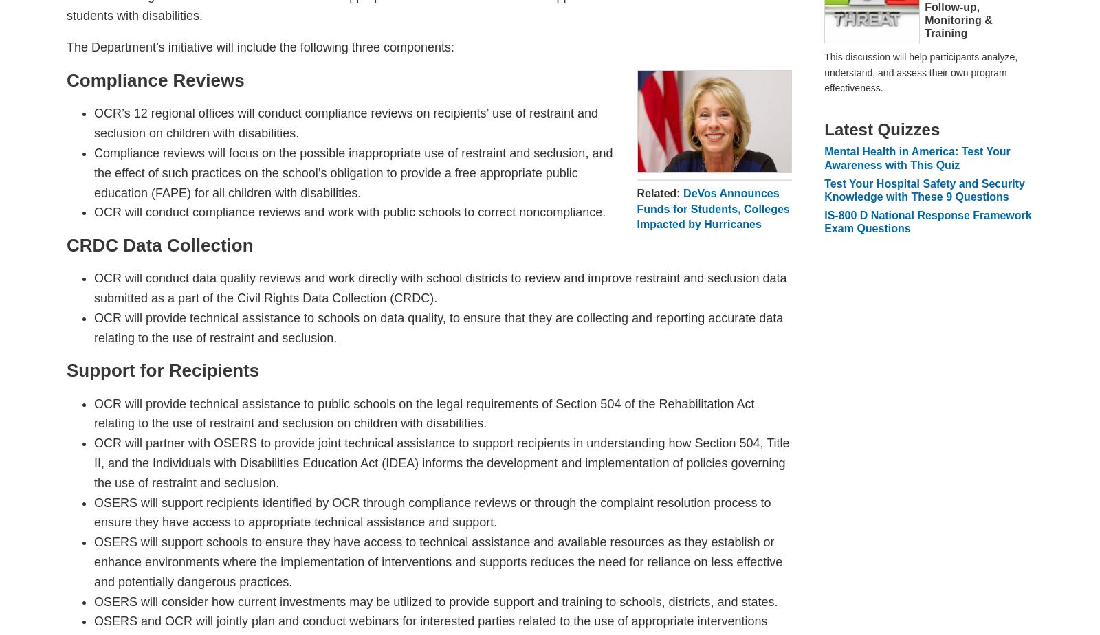 The width and height of the screenshot is (1100, 635). What do you see at coordinates (260, 47) in the screenshot?
I see `'The Department’s initiative will include the following three components:'` at bounding box center [260, 47].